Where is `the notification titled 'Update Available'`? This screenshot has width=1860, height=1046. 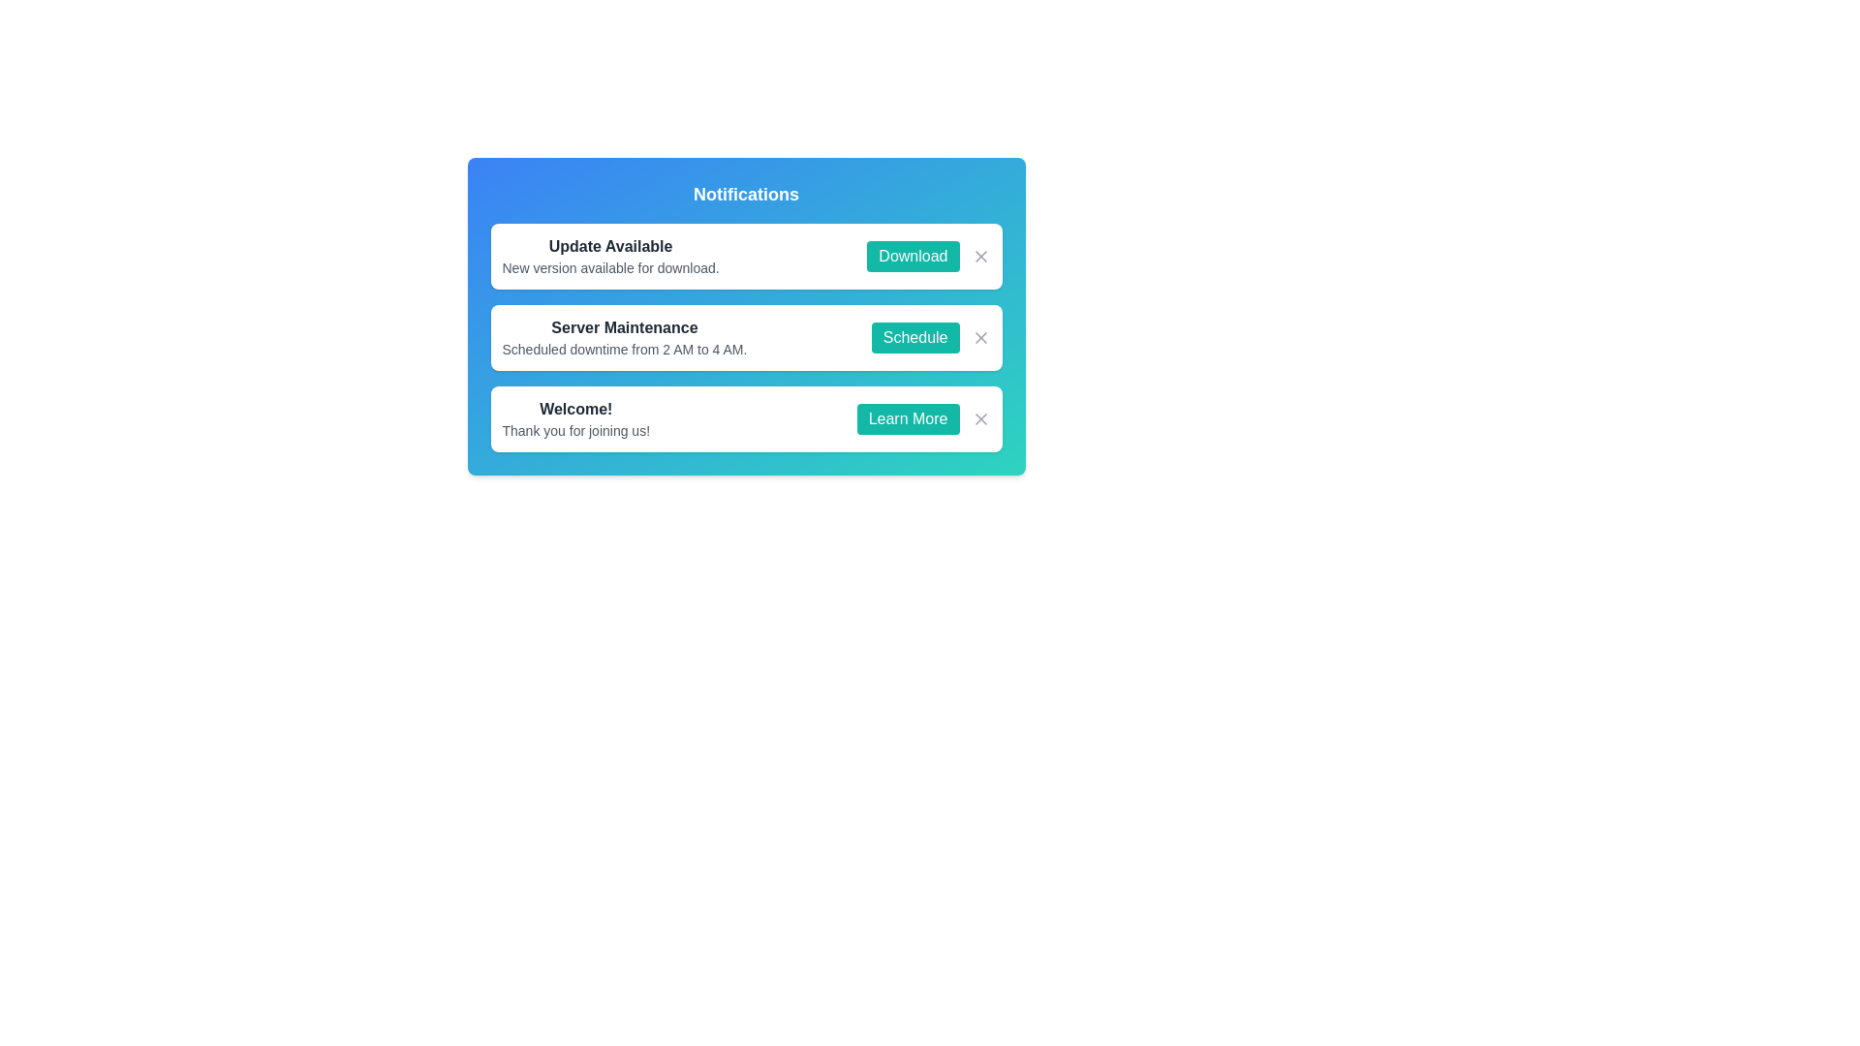
the notification titled 'Update Available' is located at coordinates (609, 256).